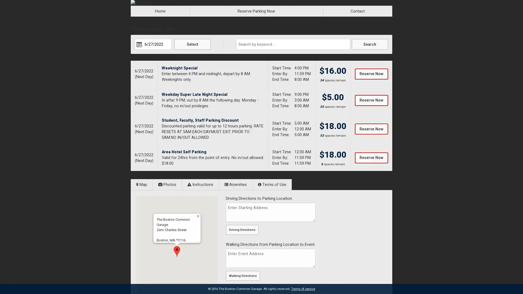 Image resolution: width=523 pixels, height=294 pixels. I want to click on Search, so click(370, 44).